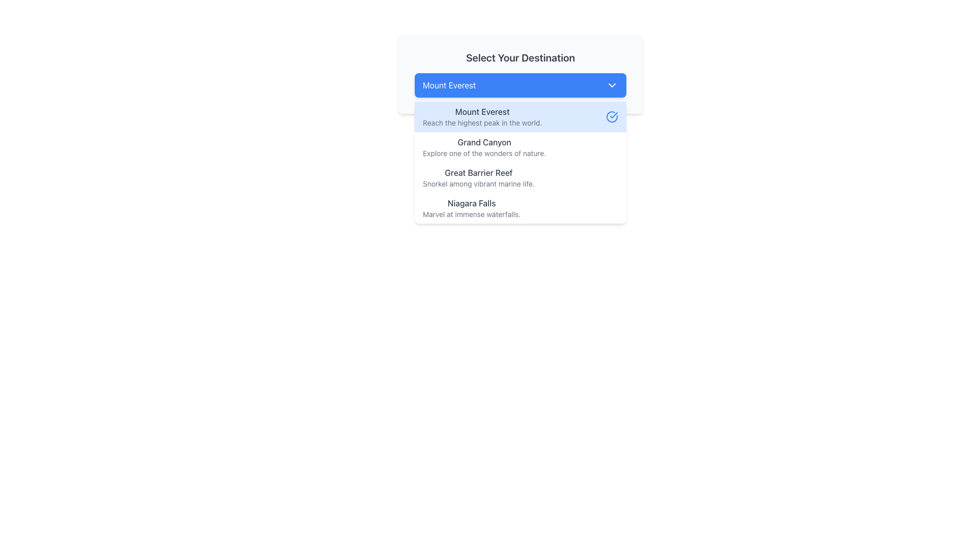  I want to click on the Checkmark Icon indicating that the 'Mount Everest' item is currently selected, which serves as a visual confirmation, so click(612, 116).